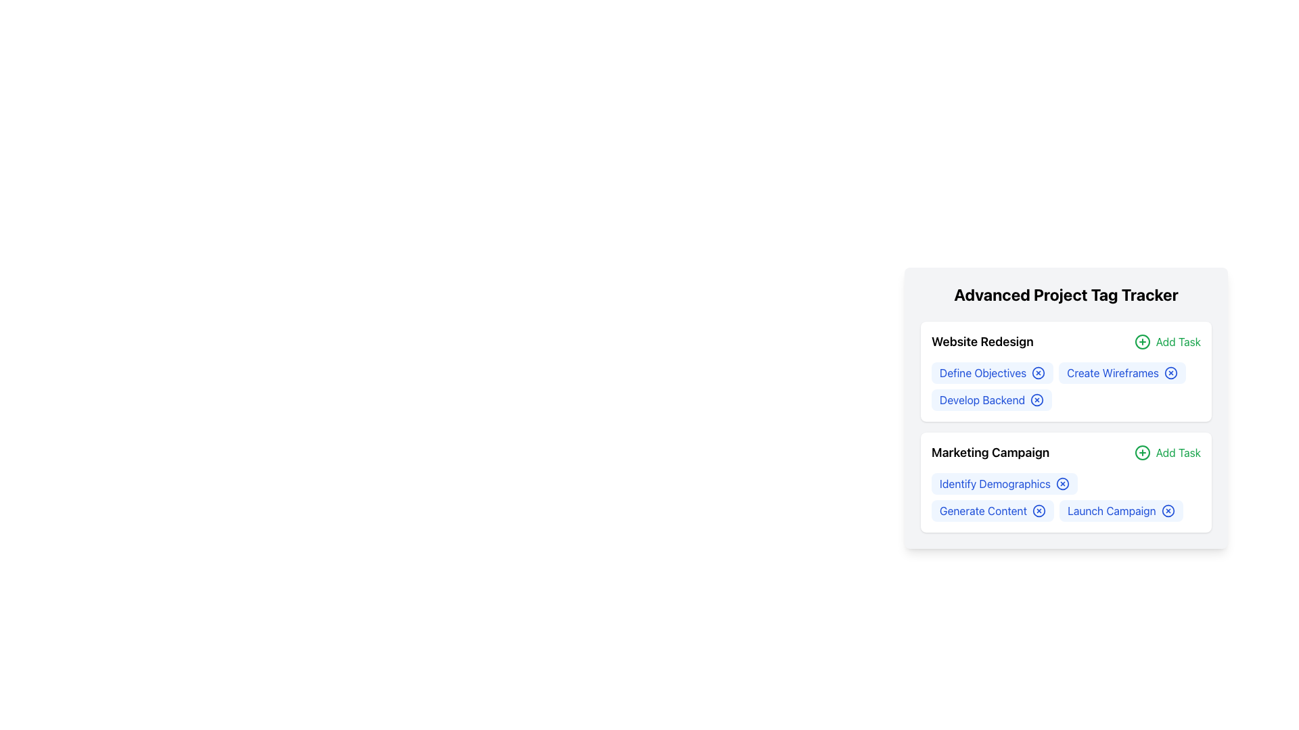 Image resolution: width=1299 pixels, height=730 pixels. Describe the element at coordinates (1166, 453) in the screenshot. I see `the green circular '+' button labeled 'Add Task' located to the right of the 'Marketing Campaign' section` at that location.